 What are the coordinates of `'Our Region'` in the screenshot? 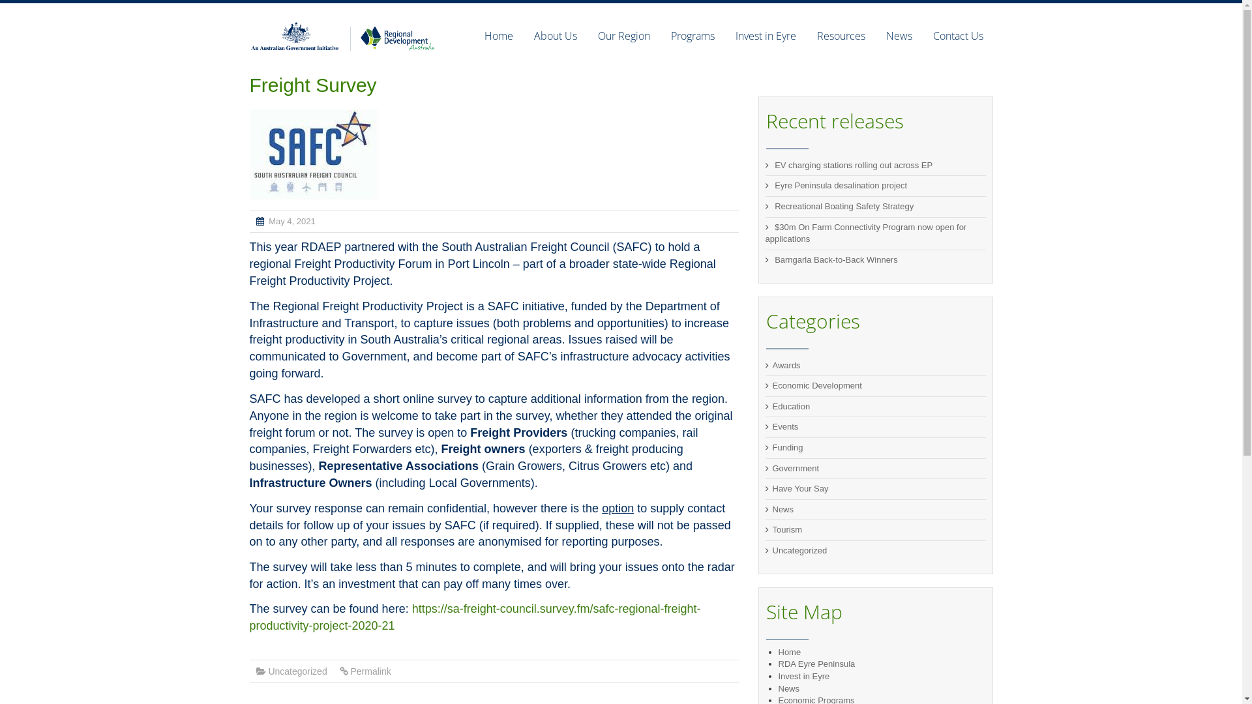 It's located at (586, 35).